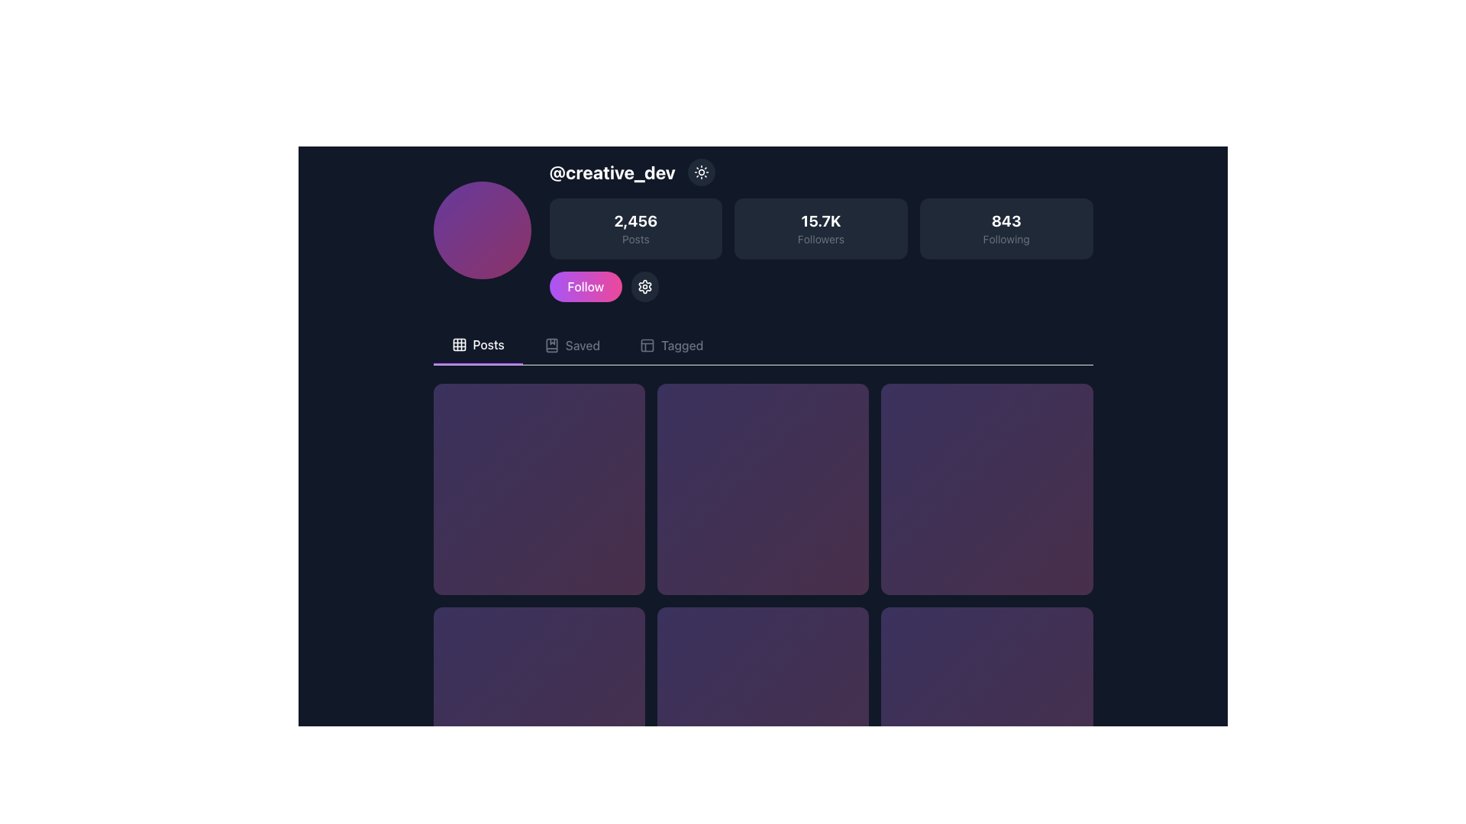 This screenshot has width=1466, height=824. I want to click on the text label displaying the identifier or username of the profile being viewed, located in the upper-middle part of the interface, next to the profile picture and an interactive button, so click(612, 172).